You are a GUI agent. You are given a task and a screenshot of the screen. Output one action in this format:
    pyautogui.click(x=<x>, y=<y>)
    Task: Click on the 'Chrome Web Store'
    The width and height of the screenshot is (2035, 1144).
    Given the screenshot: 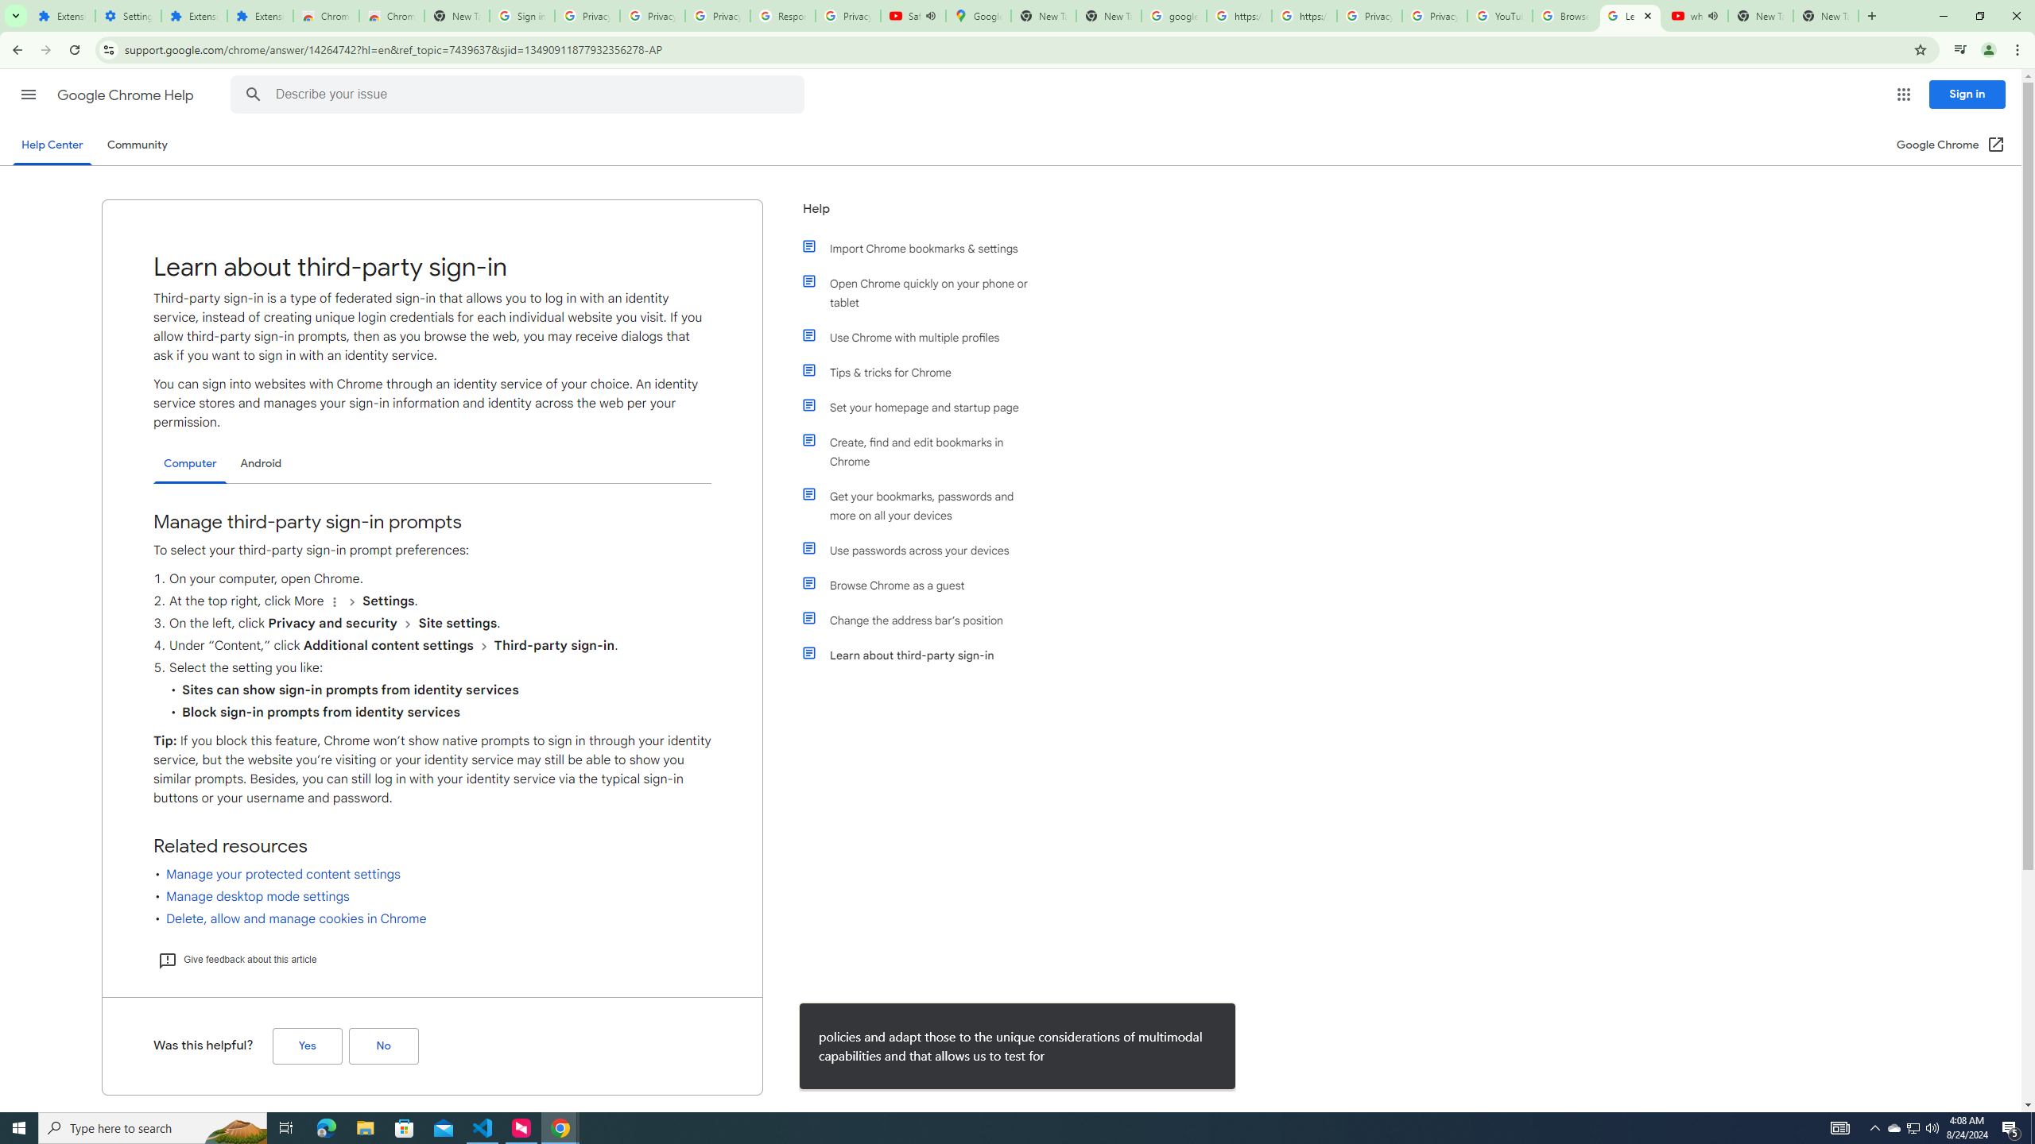 What is the action you would take?
    pyautogui.click(x=325, y=15)
    